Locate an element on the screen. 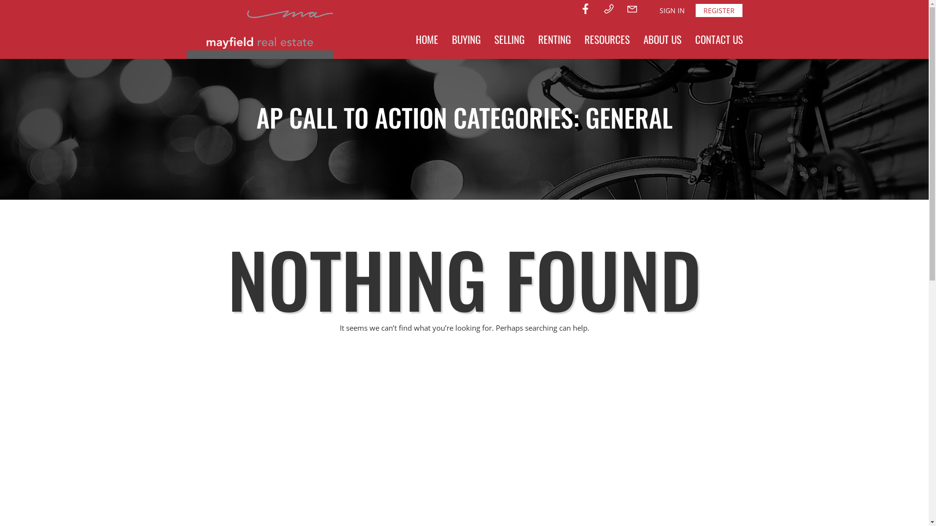 This screenshot has height=526, width=936. 'HOME' is located at coordinates (426, 39).